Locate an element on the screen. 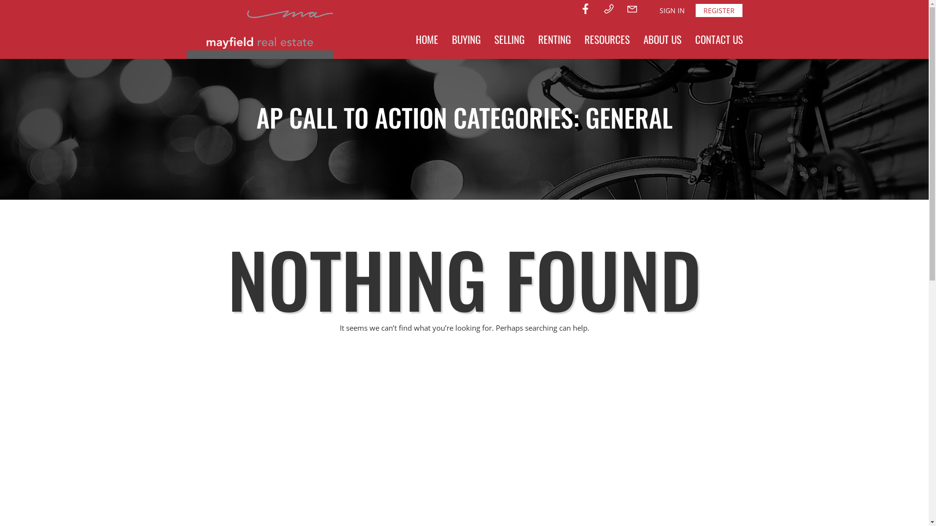 This screenshot has height=526, width=936. 'HOME' is located at coordinates (426, 39).